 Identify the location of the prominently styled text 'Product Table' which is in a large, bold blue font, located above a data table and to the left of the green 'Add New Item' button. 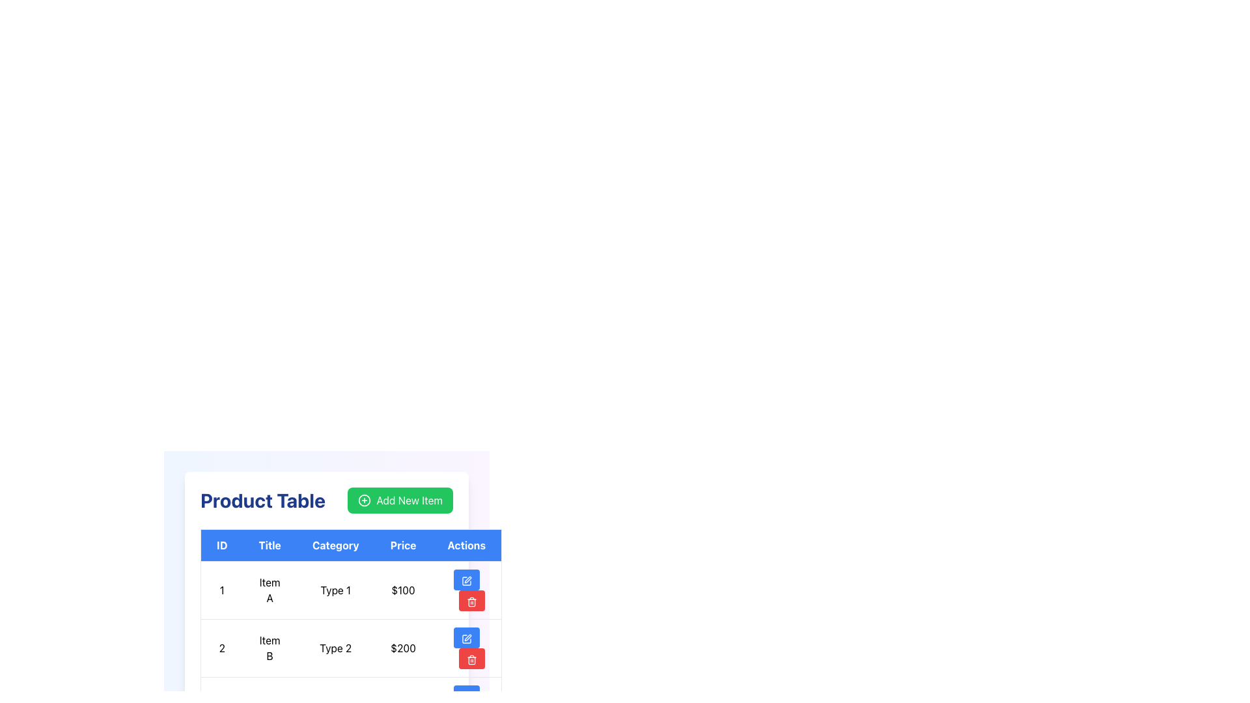
(262, 499).